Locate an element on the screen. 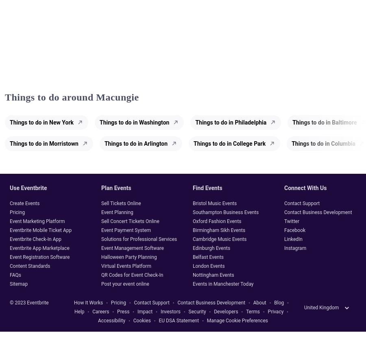 The width and height of the screenshot is (366, 339). 'Belfast Events' is located at coordinates (208, 256).